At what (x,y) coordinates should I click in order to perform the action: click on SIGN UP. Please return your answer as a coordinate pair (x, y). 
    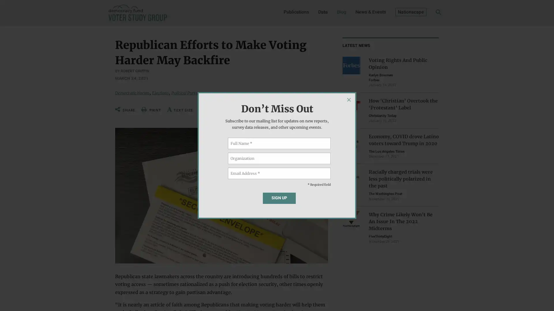
    Looking at the image, I should click on (279, 198).